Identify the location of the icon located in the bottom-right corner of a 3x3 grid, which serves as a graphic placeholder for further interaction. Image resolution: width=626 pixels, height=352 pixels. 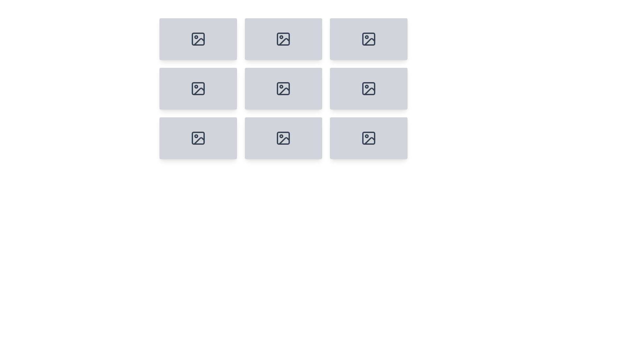
(369, 138).